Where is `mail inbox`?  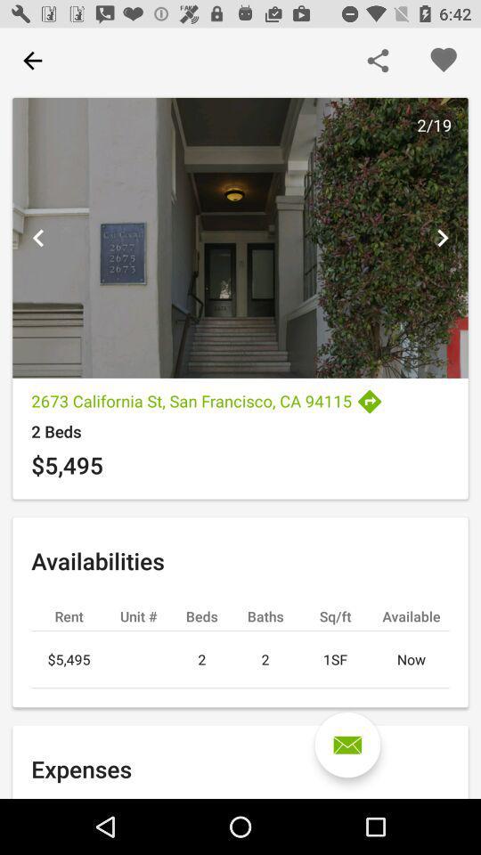
mail inbox is located at coordinates (347, 745).